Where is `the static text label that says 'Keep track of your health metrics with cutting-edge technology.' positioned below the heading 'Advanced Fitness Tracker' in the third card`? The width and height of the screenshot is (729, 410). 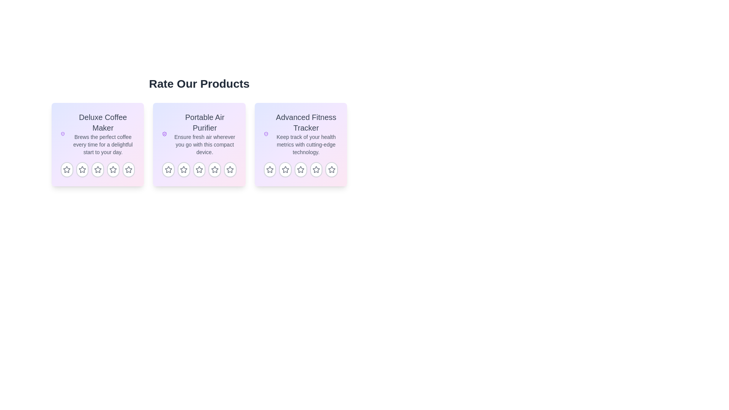 the static text label that says 'Keep track of your health metrics with cutting-edge technology.' positioned below the heading 'Advanced Fitness Tracker' in the third card is located at coordinates (306, 145).